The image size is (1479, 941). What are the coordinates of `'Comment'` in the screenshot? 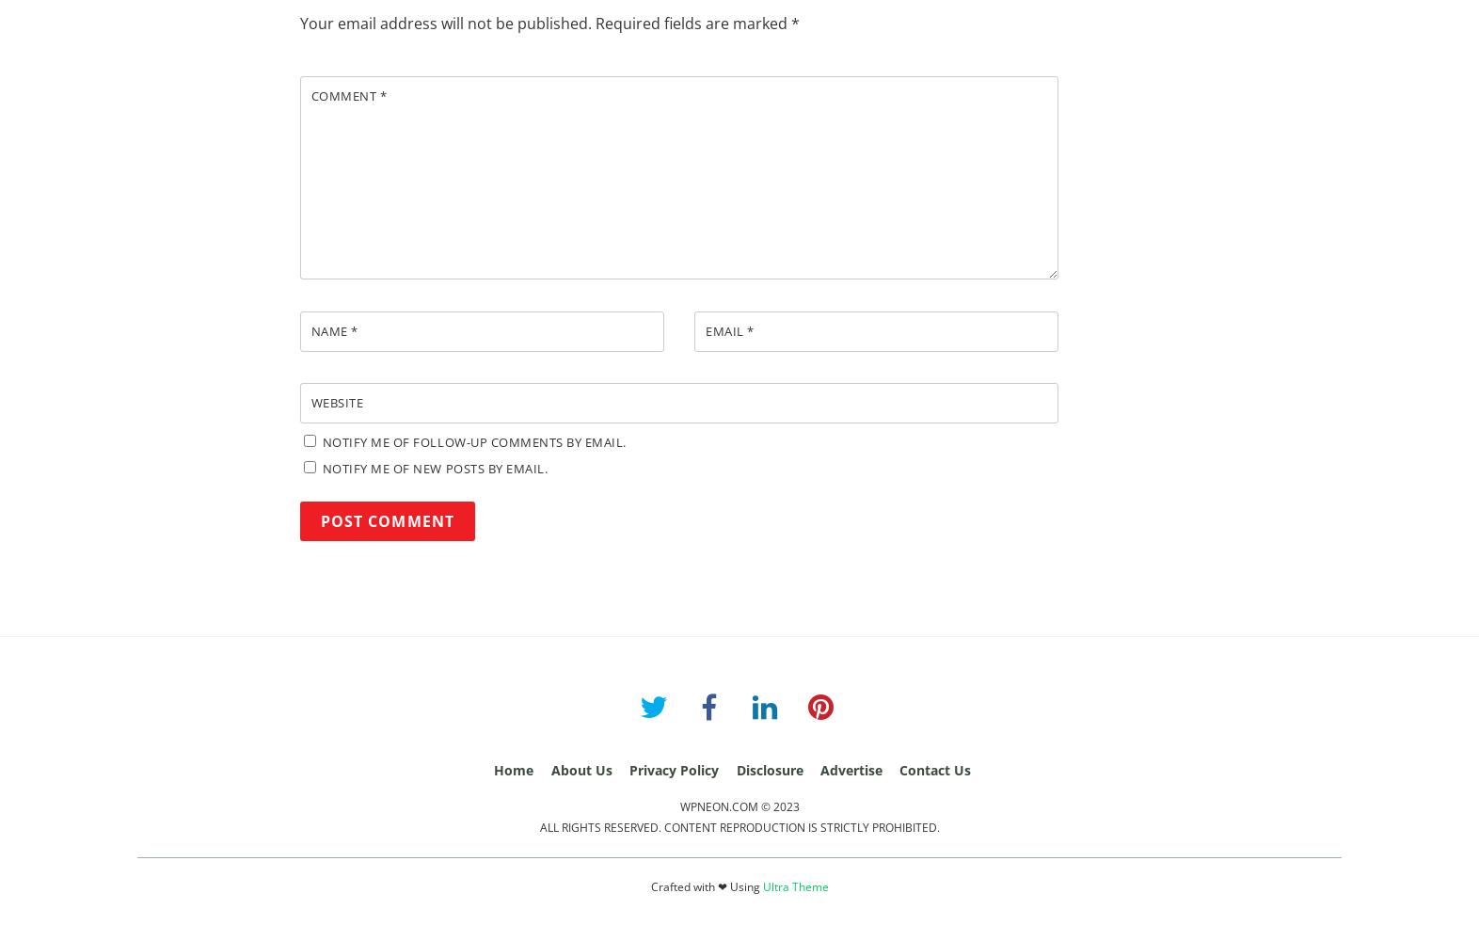 It's located at (344, 95).